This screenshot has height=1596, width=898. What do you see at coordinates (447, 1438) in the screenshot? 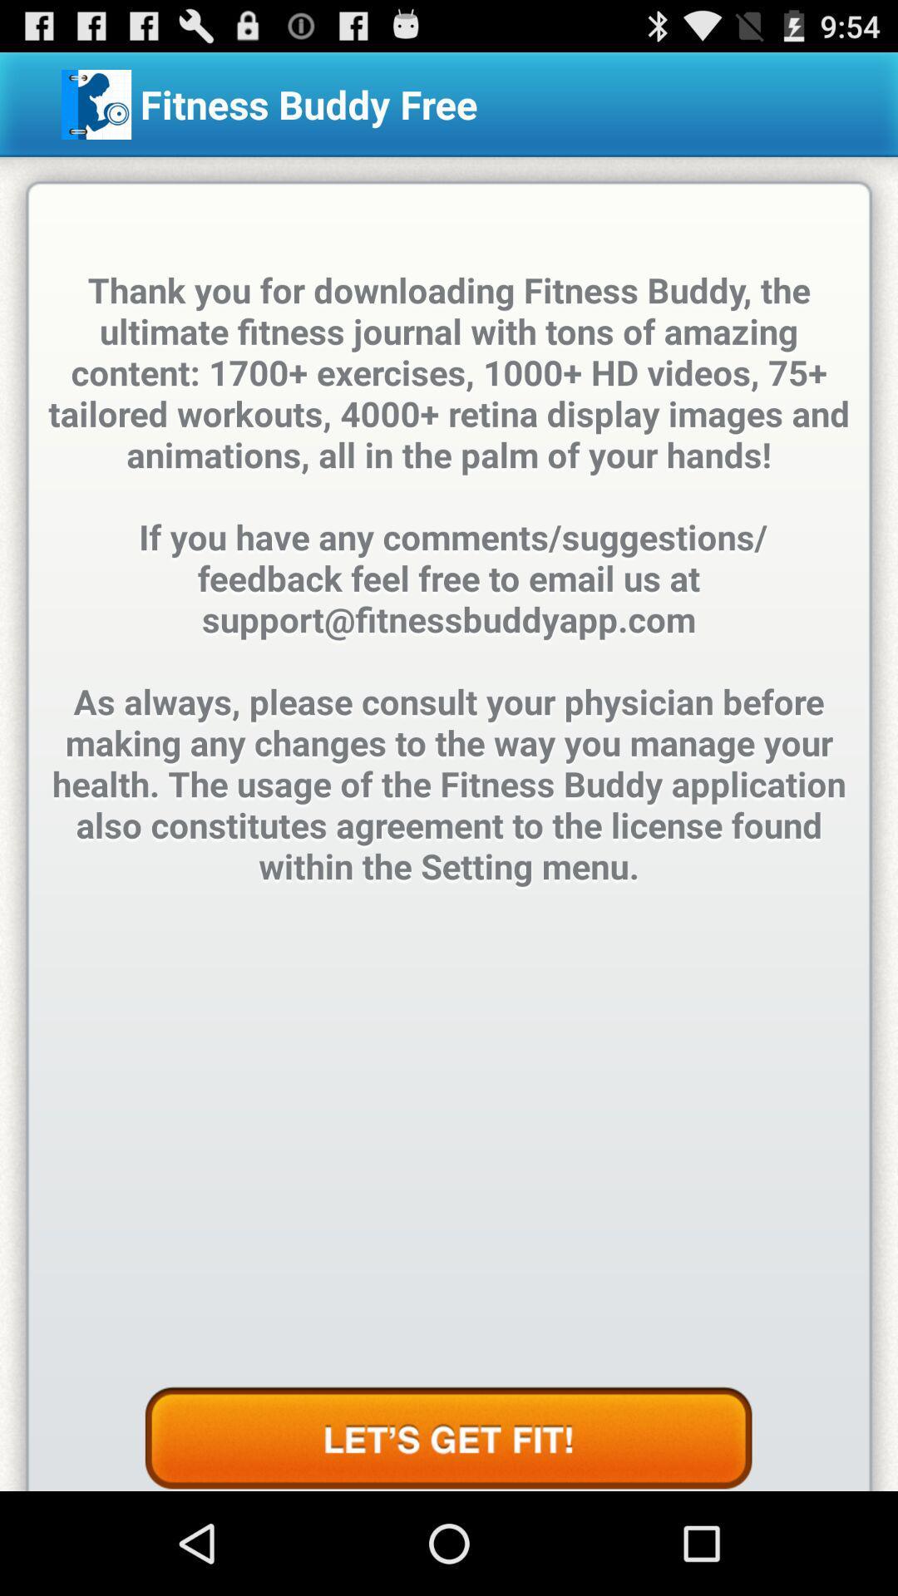
I see `the icon at the bottom` at bounding box center [447, 1438].